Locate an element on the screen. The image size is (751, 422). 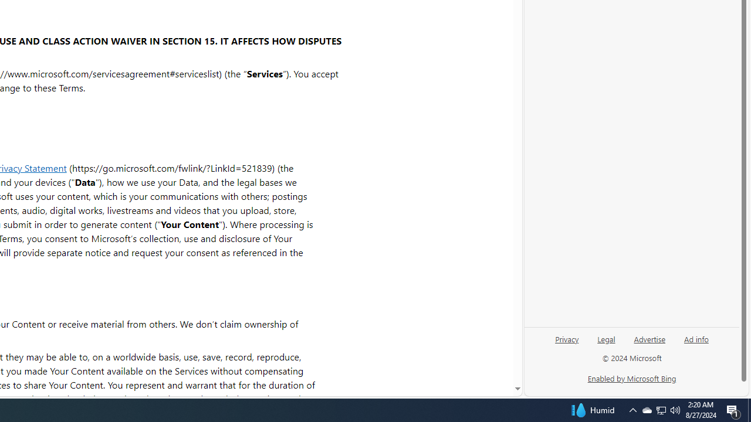
'Privacy' is located at coordinates (567, 338).